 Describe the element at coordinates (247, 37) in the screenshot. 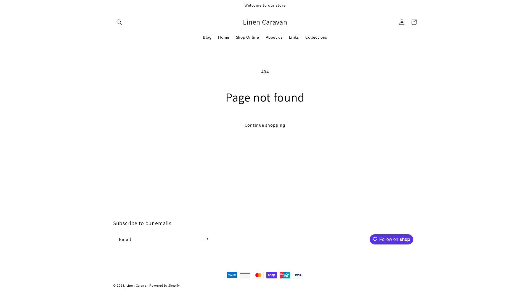

I see `'Shop Online'` at that location.